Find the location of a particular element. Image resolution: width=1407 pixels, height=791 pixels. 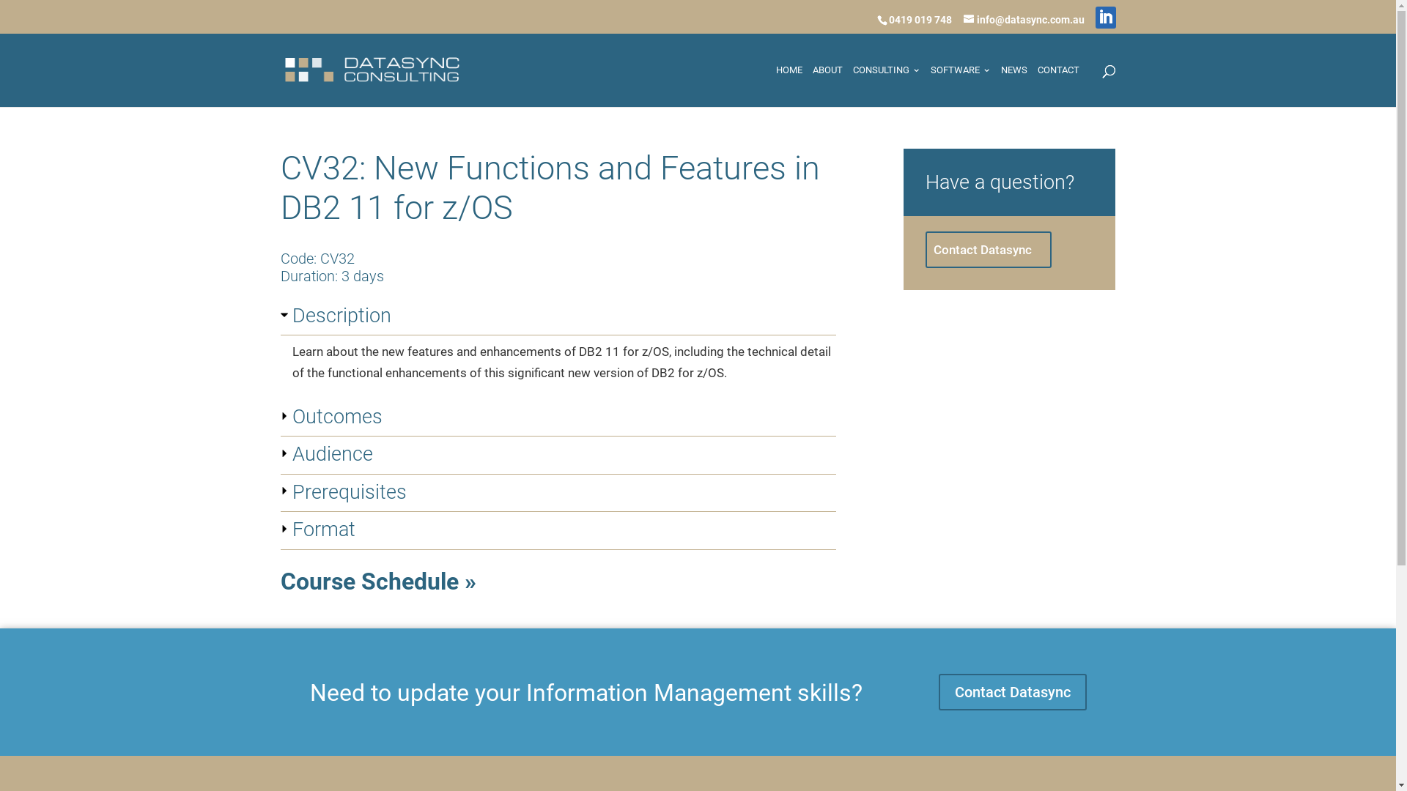

'NEWS' is located at coordinates (1013, 85).